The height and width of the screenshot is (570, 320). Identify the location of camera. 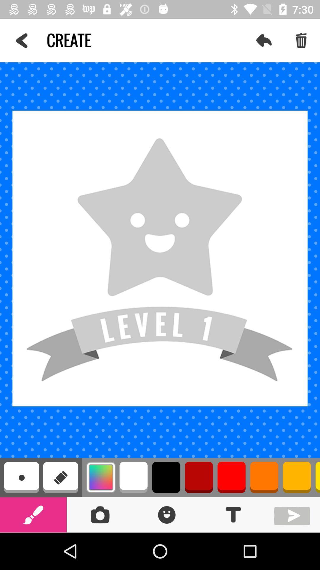
(100, 514).